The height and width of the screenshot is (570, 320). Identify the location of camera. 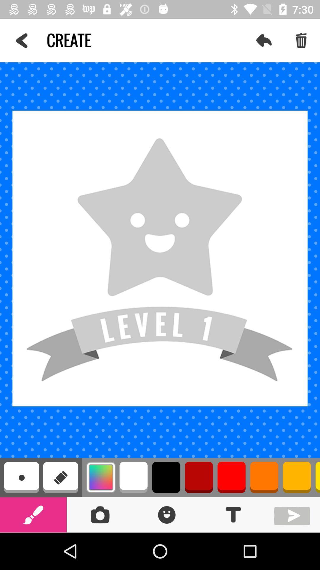
(100, 514).